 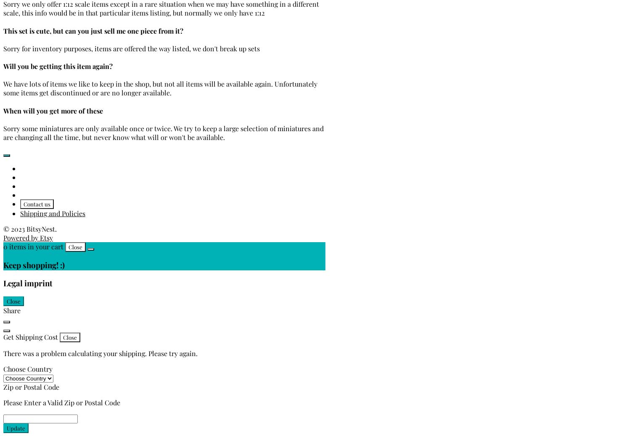 I want to click on 'This set is cute, but can you just sell me one piece from it?', so click(x=3, y=30).